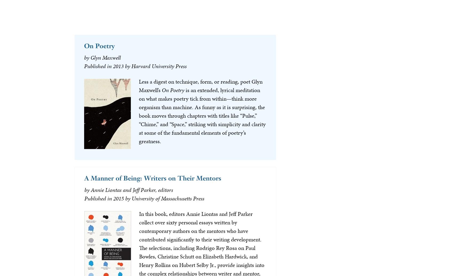 Image resolution: width=454 pixels, height=276 pixels. What do you see at coordinates (118, 198) in the screenshot?
I see `'2015'` at bounding box center [118, 198].